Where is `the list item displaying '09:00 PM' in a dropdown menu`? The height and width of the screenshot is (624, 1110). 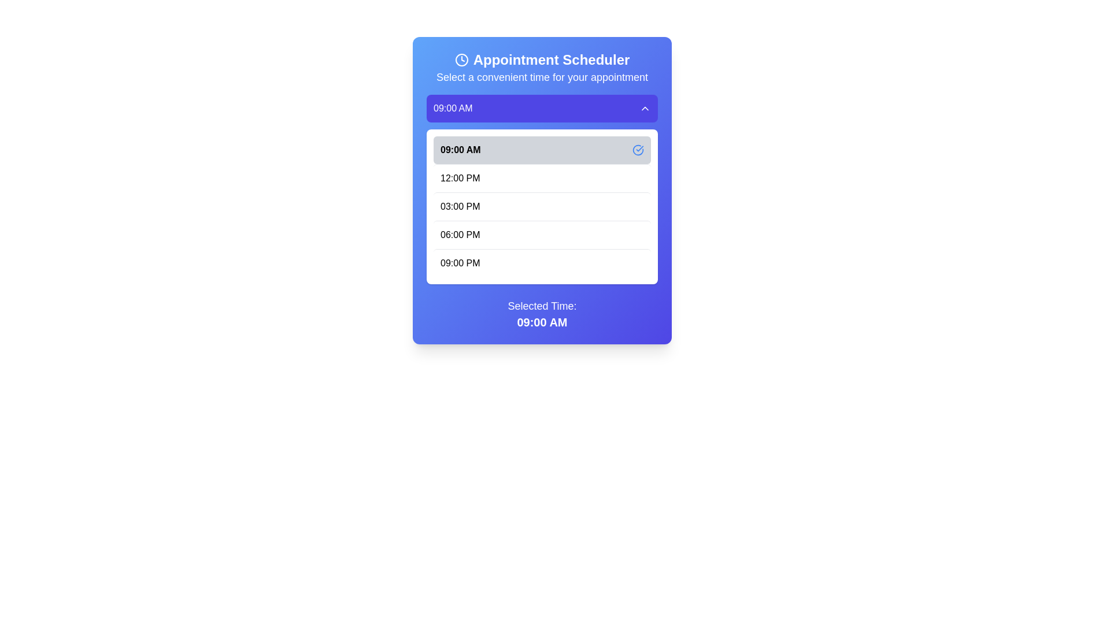
the list item displaying '09:00 PM' in a dropdown menu is located at coordinates (541, 263).